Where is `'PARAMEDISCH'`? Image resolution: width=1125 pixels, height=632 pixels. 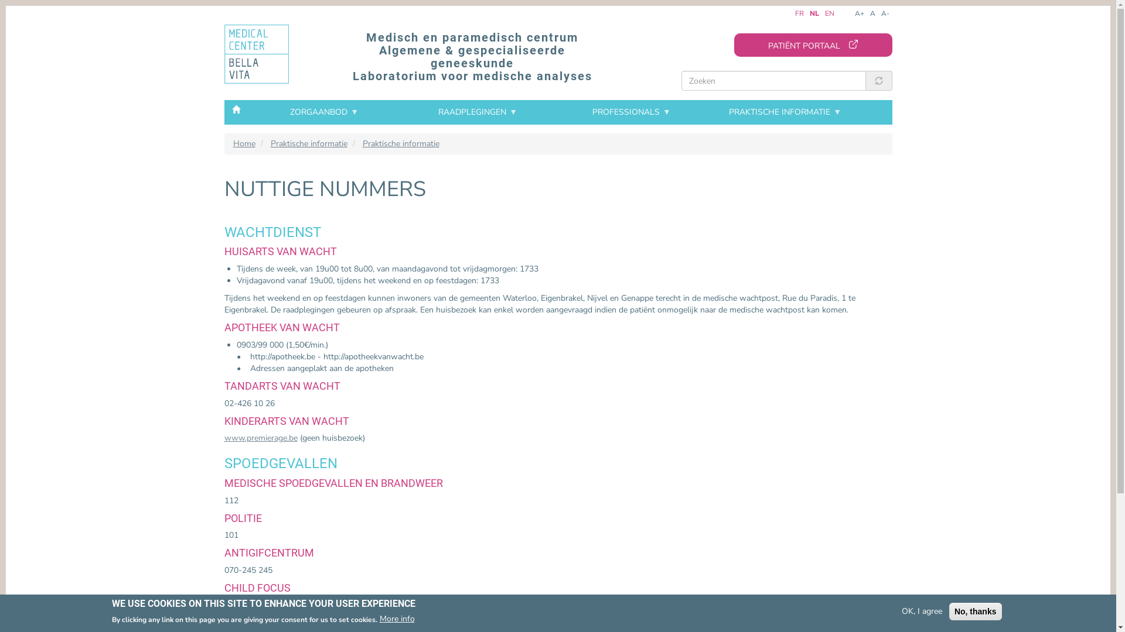
'PARAMEDISCH' is located at coordinates (299, 231).